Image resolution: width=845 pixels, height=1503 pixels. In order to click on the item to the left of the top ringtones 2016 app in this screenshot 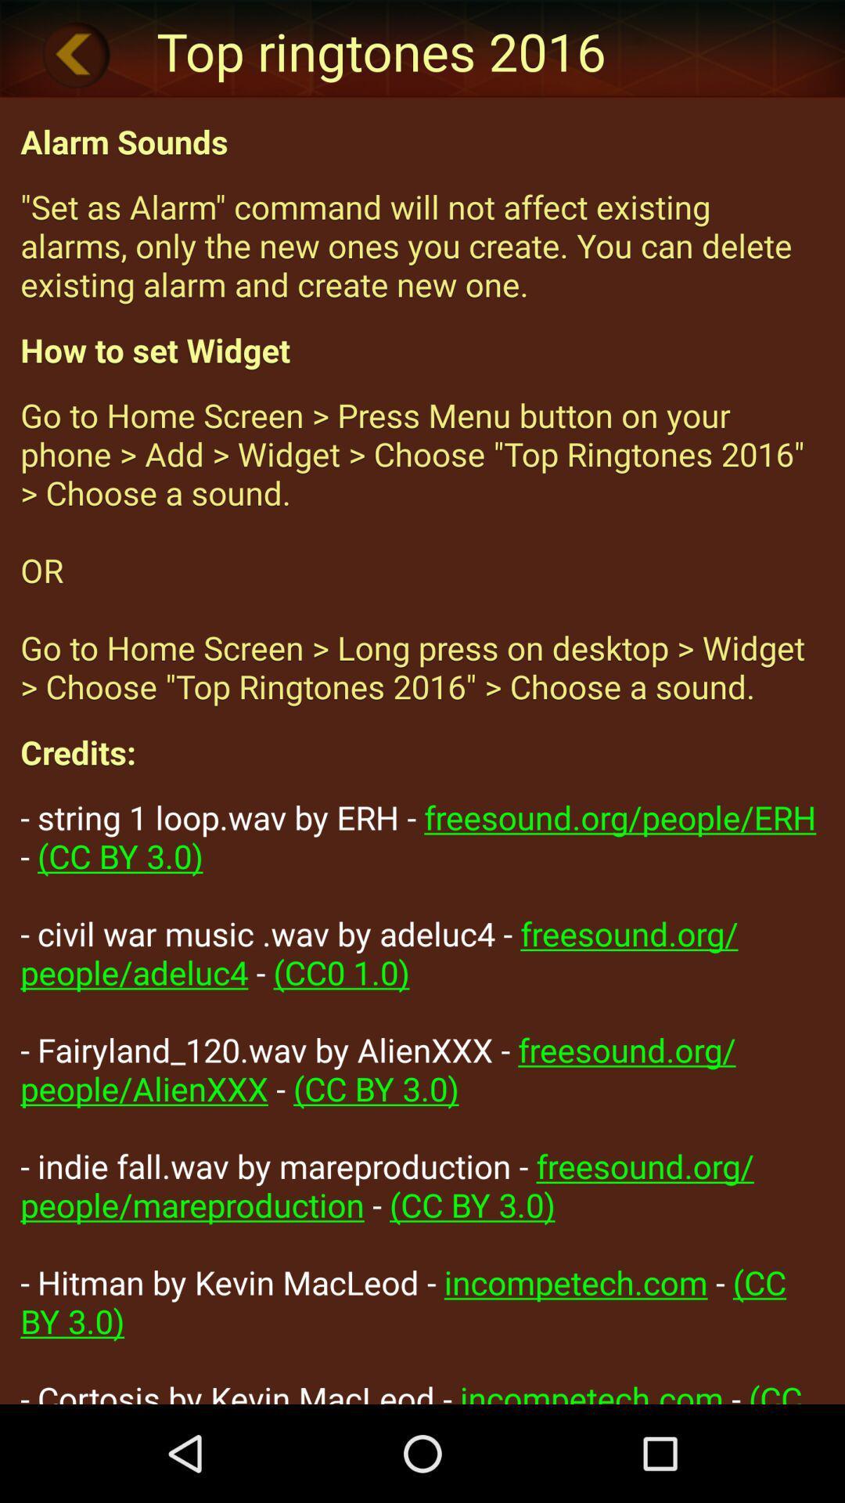, I will do `click(76, 54)`.